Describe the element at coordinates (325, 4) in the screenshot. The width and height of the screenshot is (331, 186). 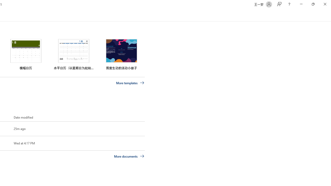
I see `'Close'` at that location.